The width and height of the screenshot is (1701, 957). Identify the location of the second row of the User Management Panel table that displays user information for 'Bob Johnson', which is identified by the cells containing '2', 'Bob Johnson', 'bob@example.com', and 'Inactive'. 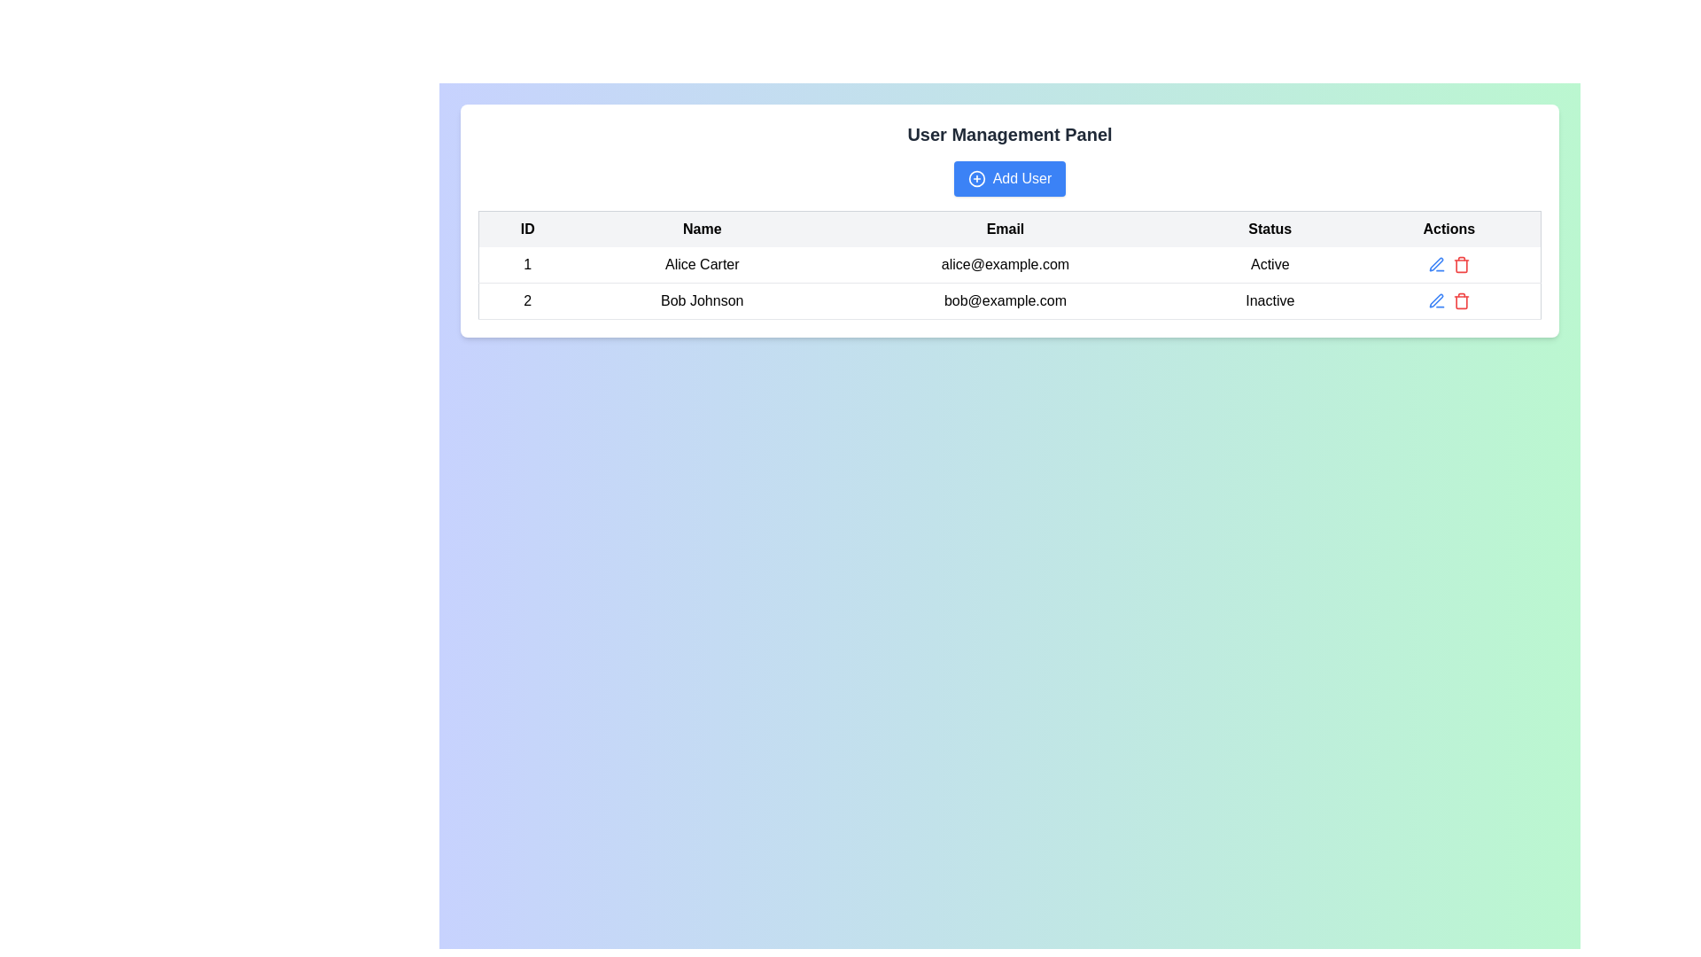
(1010, 300).